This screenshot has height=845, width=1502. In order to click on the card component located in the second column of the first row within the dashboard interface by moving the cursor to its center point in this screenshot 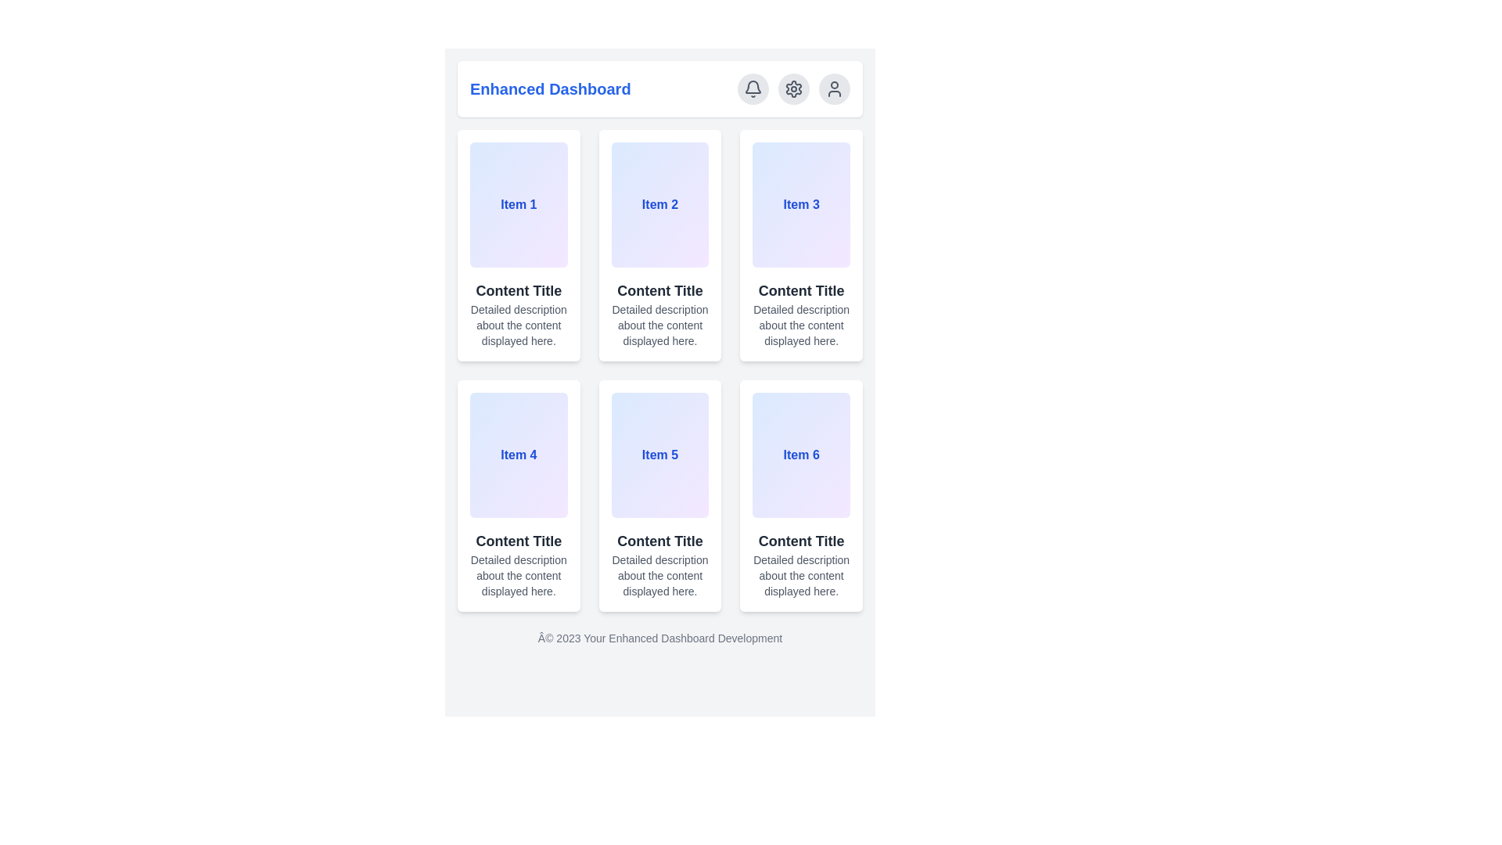, I will do `click(660, 204)`.